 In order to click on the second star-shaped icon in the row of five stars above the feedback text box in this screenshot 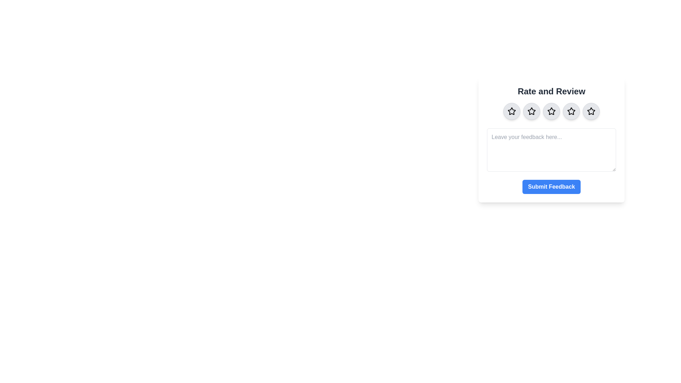, I will do `click(531, 111)`.